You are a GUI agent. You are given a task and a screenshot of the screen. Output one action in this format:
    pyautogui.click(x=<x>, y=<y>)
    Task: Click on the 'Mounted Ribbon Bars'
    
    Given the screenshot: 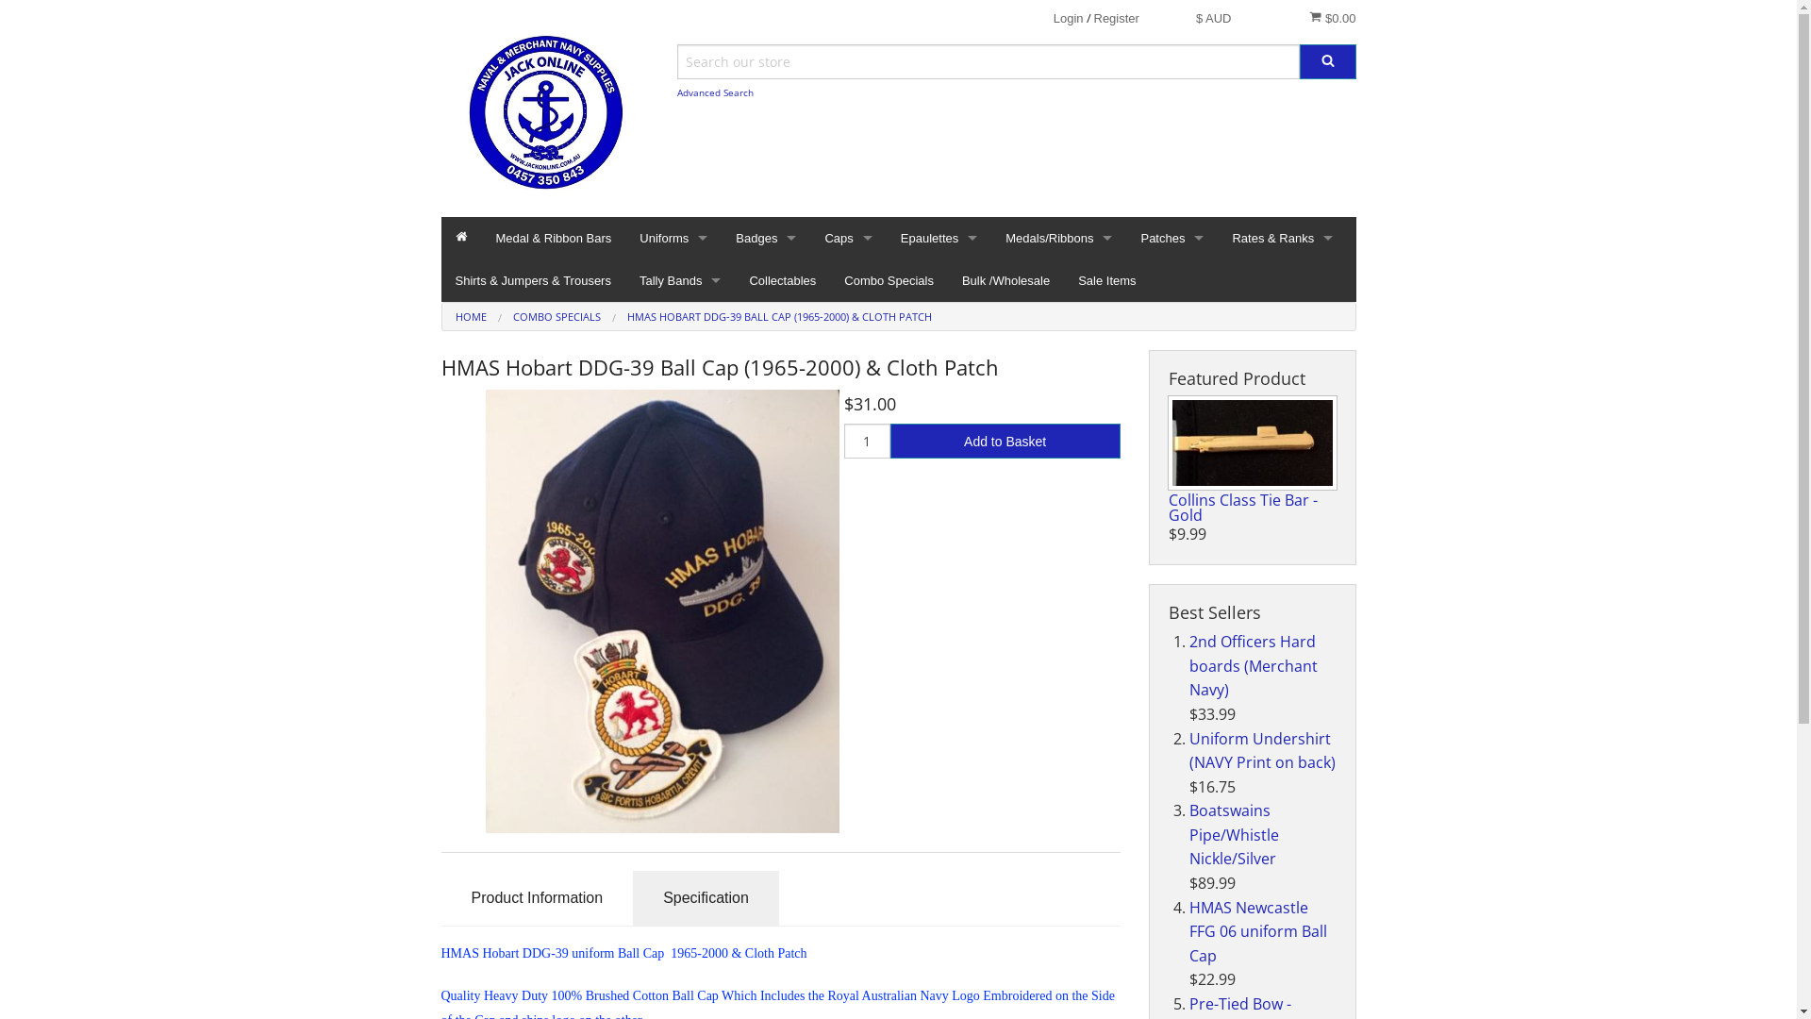 What is the action you would take?
    pyautogui.click(x=1058, y=473)
    